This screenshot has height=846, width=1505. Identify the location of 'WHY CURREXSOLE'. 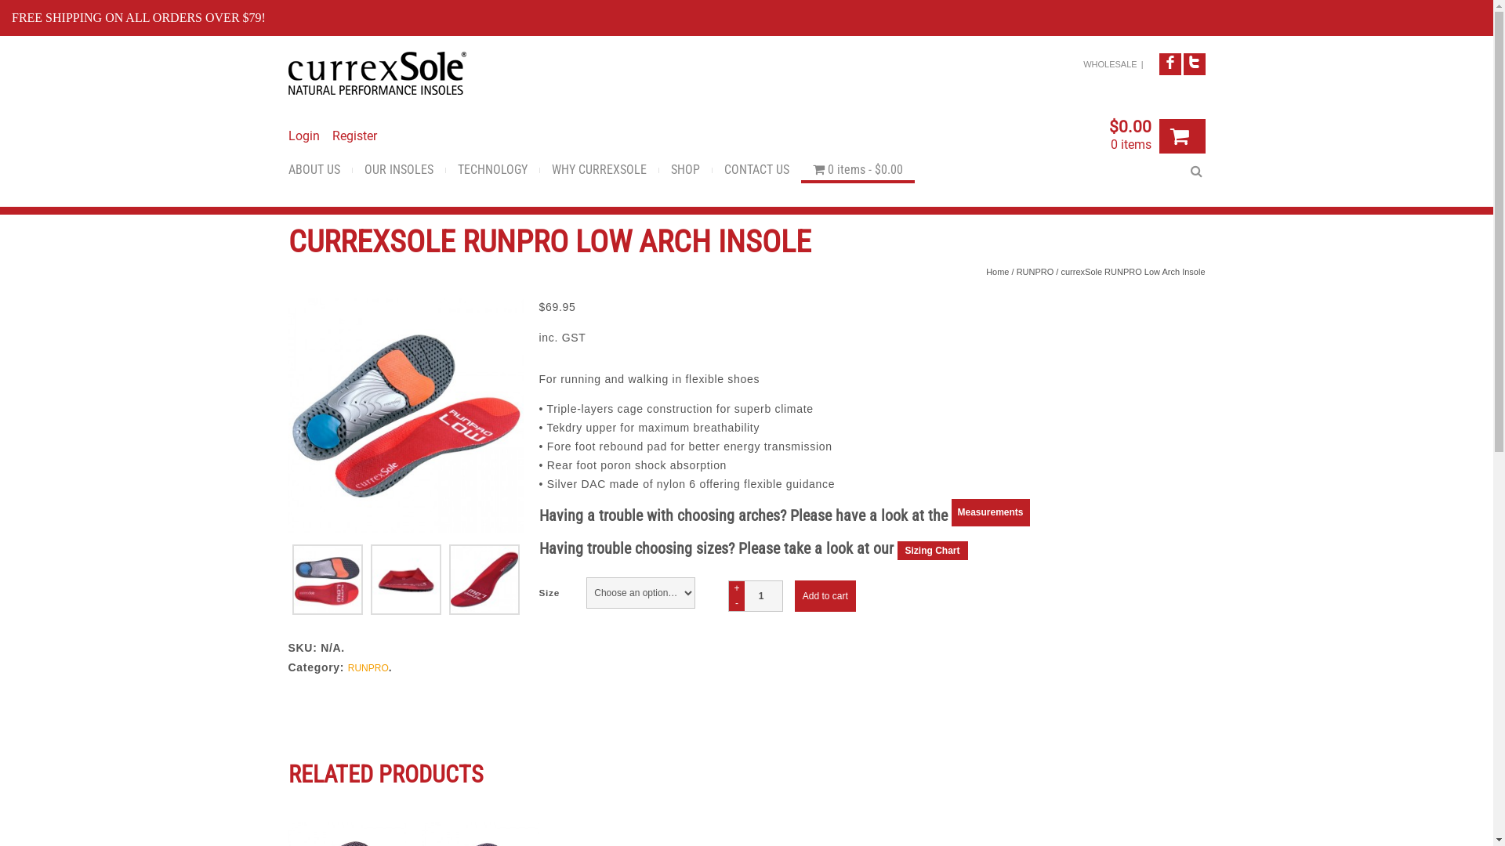
(539, 172).